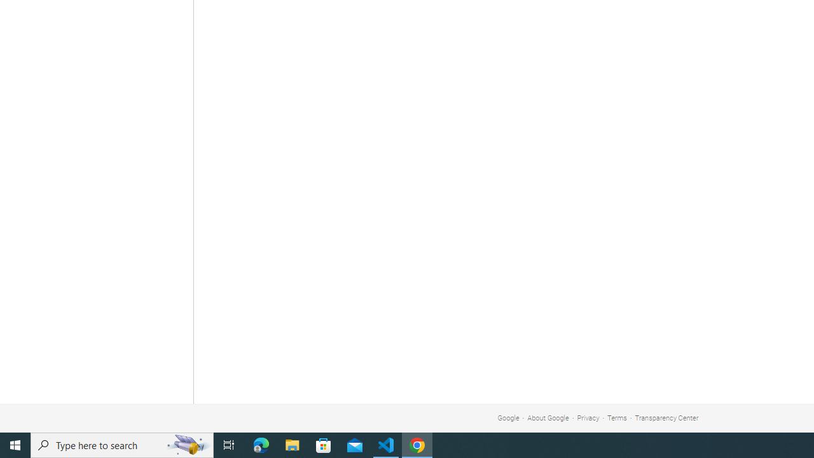 Image resolution: width=814 pixels, height=458 pixels. What do you see at coordinates (666, 418) in the screenshot?
I see `'Transparency Center'` at bounding box center [666, 418].